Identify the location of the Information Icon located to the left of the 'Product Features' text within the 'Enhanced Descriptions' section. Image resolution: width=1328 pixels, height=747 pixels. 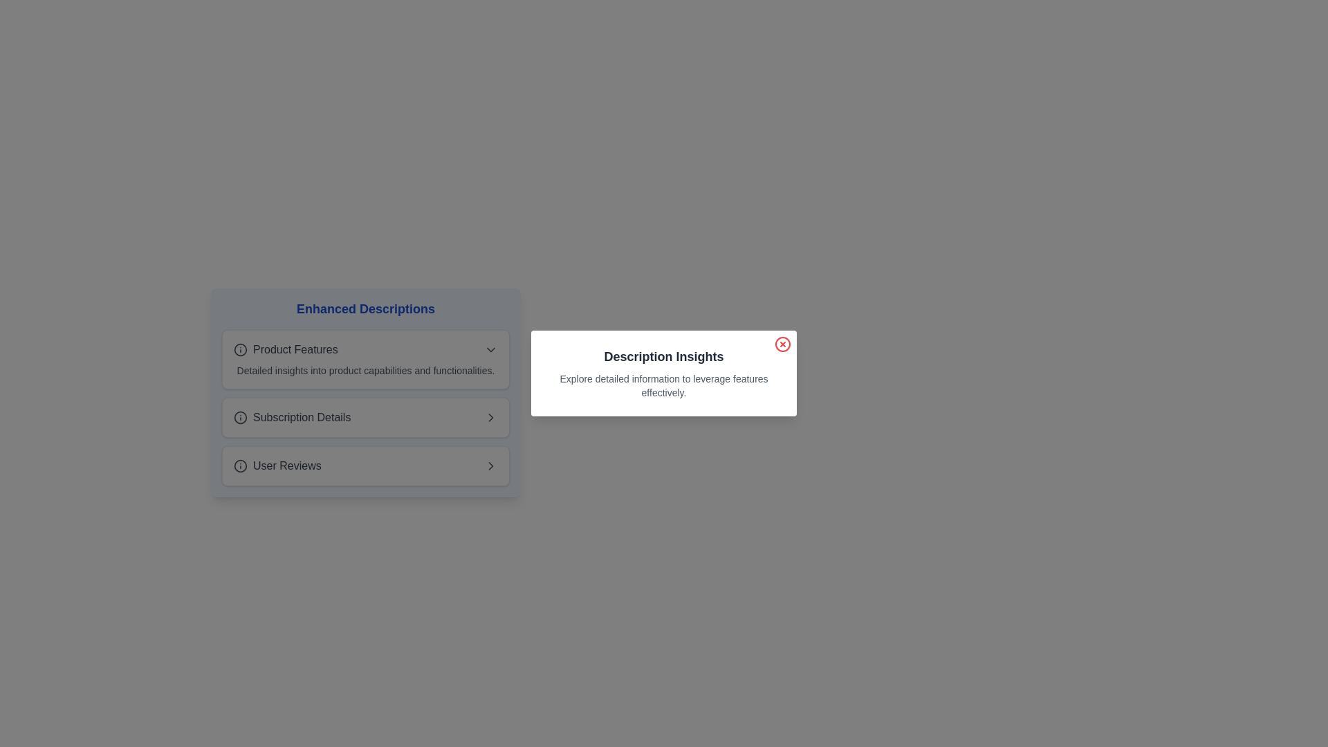
(240, 349).